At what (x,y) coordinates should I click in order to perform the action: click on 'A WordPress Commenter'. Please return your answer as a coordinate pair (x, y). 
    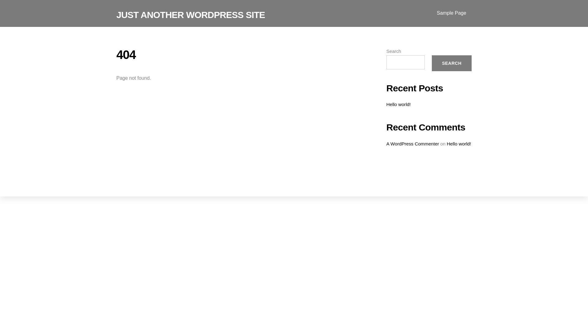
    Looking at the image, I should click on (413, 144).